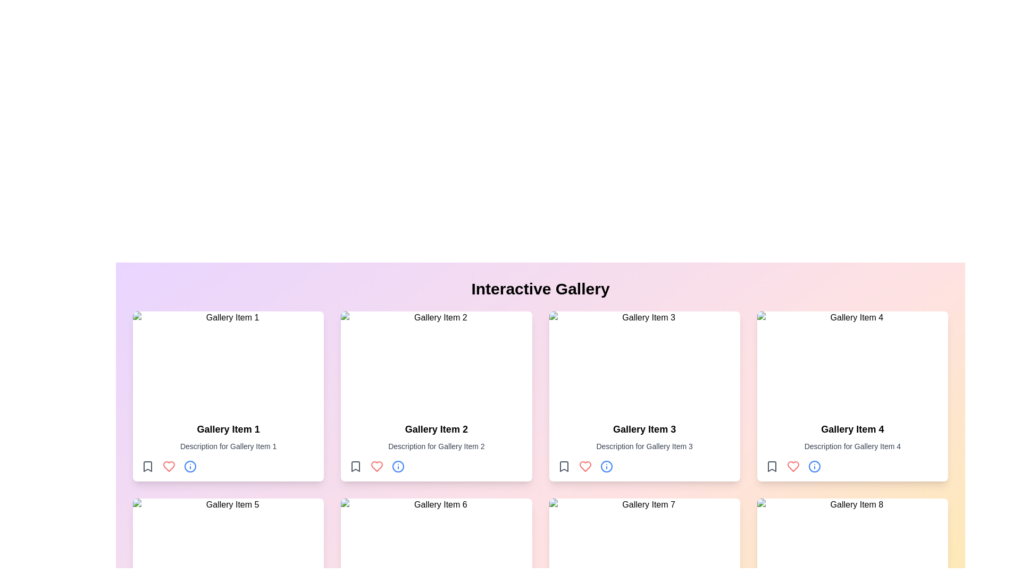 The height and width of the screenshot is (574, 1021). Describe the element at coordinates (147, 466) in the screenshot. I see `the bookmark icon located at the bottom-left corner of the 'Gallery Item 1' card` at that location.